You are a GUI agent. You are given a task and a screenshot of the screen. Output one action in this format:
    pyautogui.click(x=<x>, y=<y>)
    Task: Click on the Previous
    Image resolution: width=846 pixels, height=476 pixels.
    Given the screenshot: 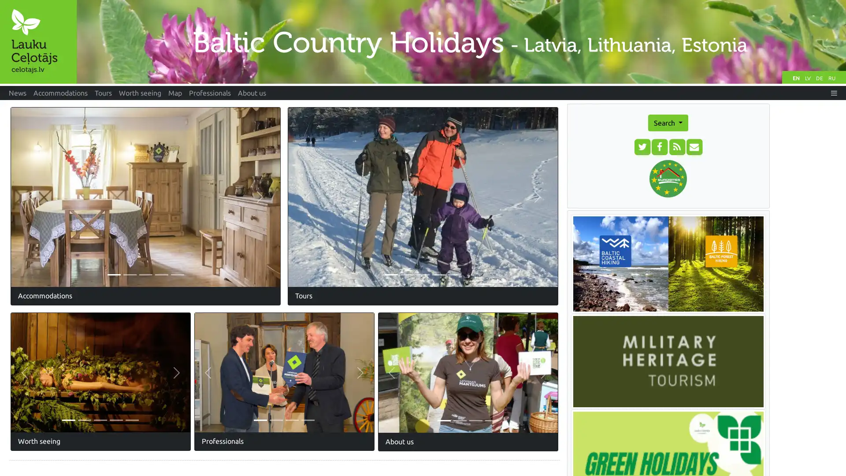 What is the action you would take?
    pyautogui.click(x=207, y=372)
    